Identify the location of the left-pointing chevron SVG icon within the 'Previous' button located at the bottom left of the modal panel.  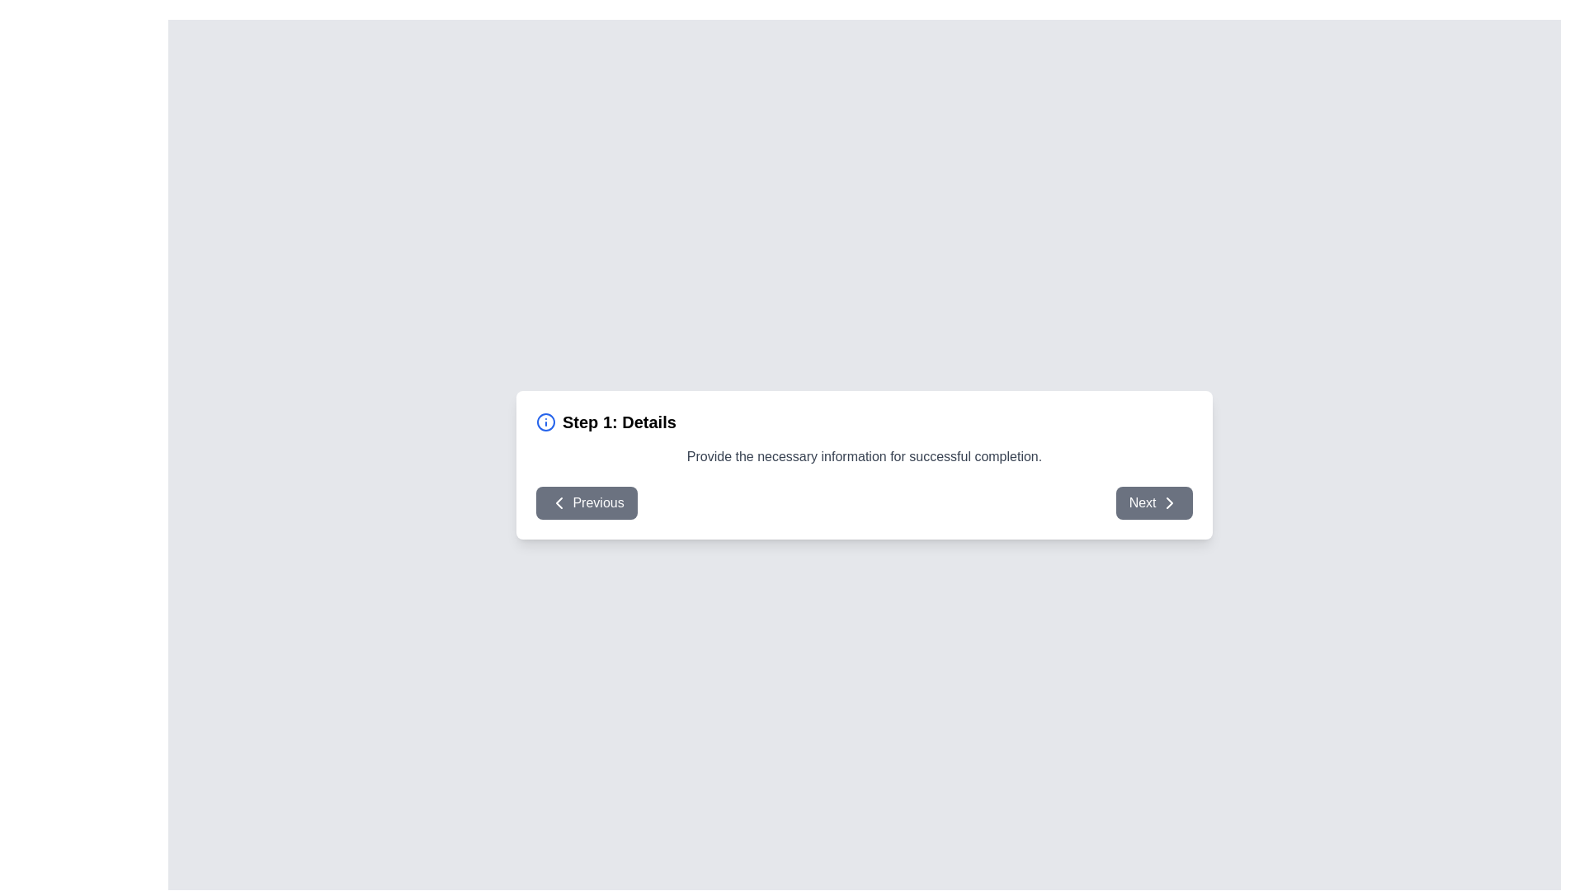
(559, 502).